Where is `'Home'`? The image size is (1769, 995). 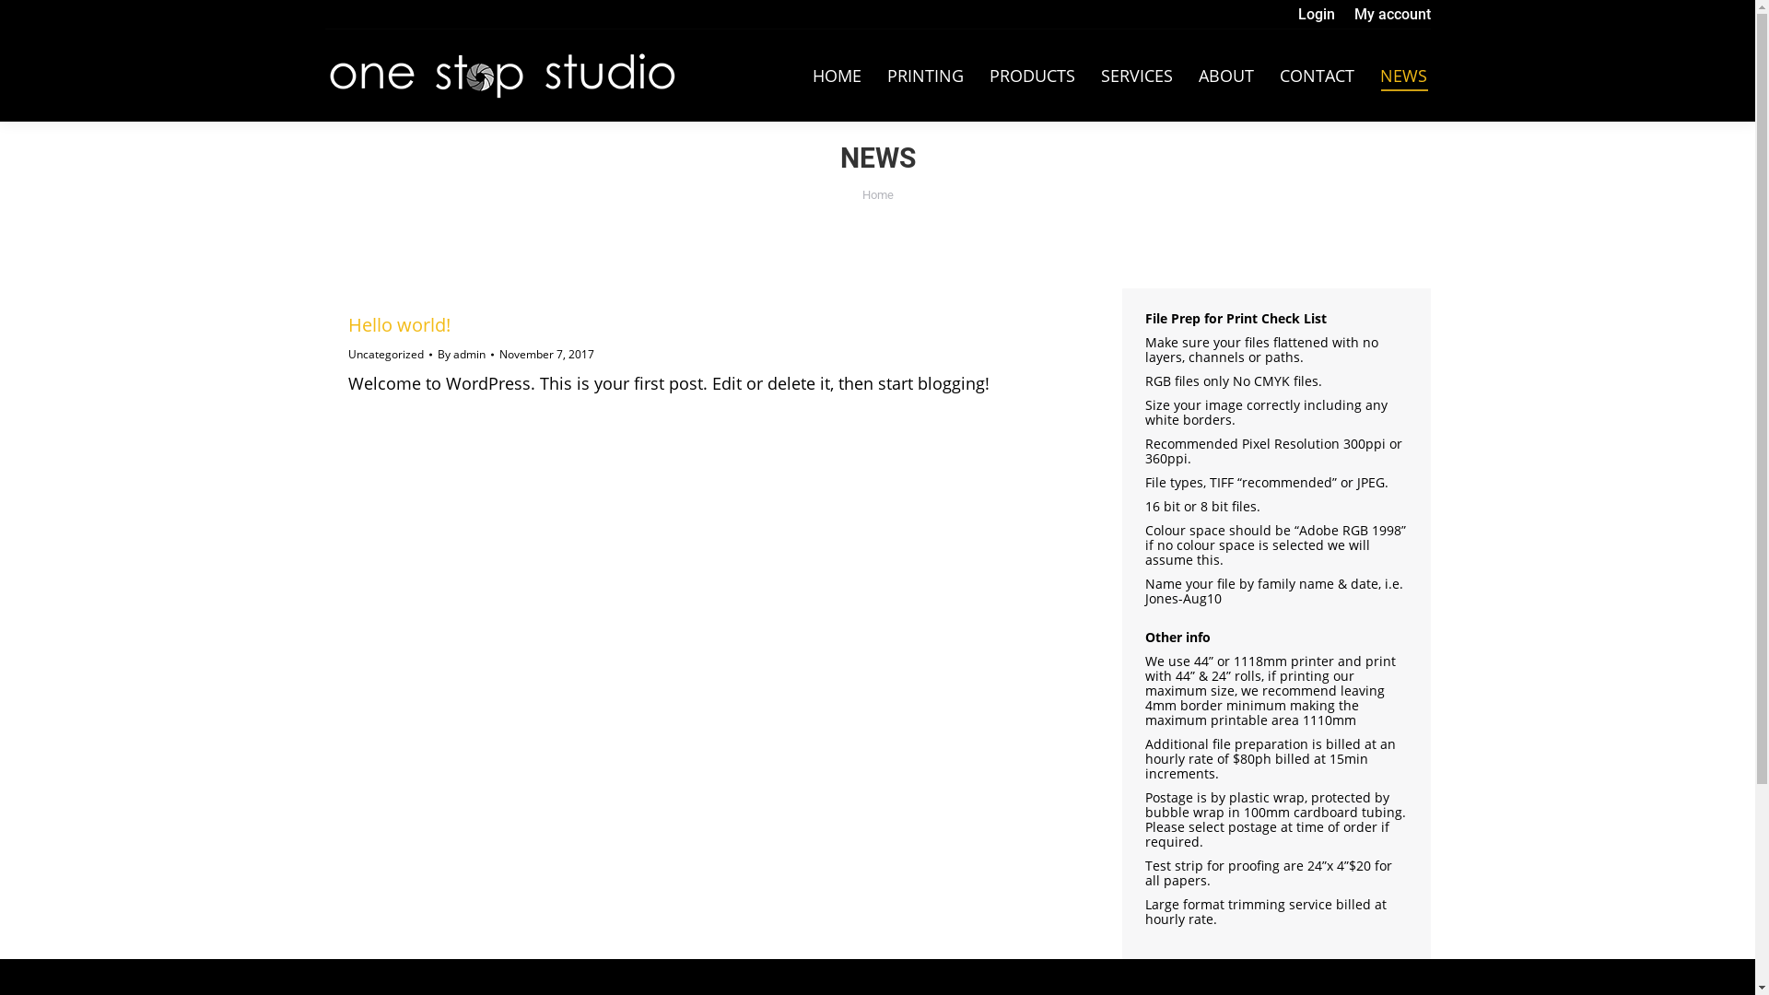
'Home' is located at coordinates (861, 194).